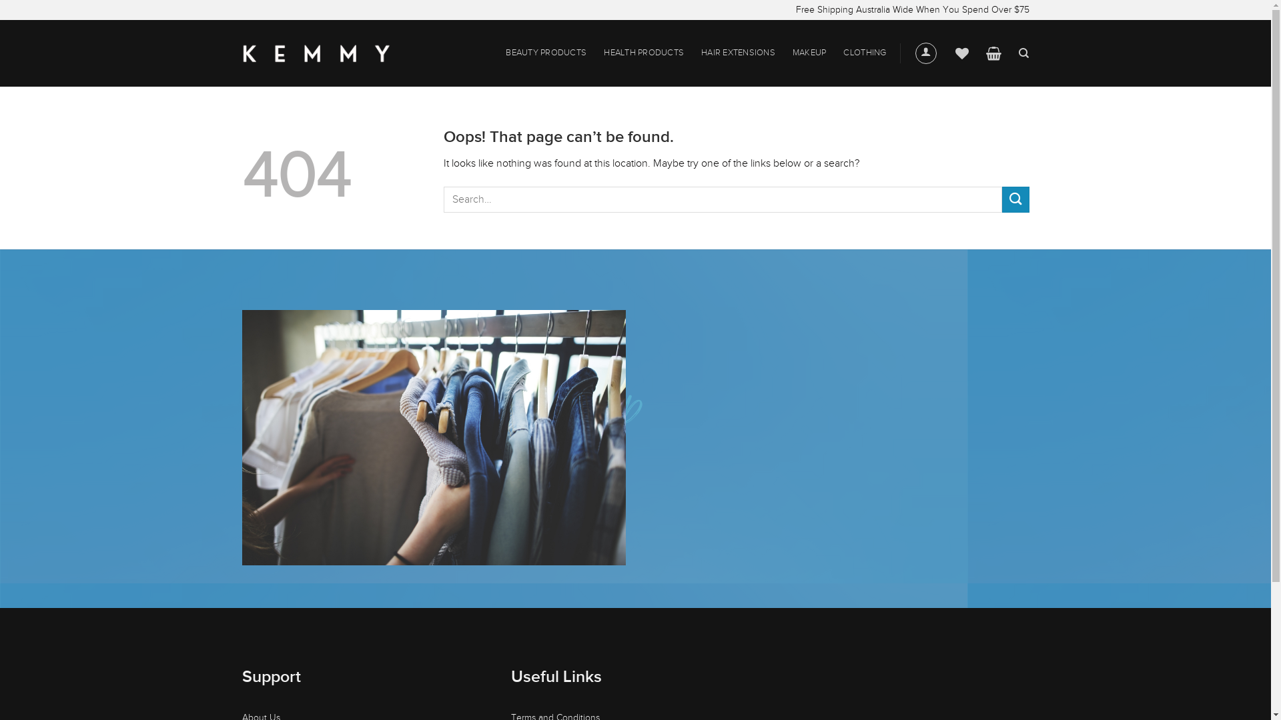 The width and height of the screenshot is (1281, 720). What do you see at coordinates (737, 53) in the screenshot?
I see `'HAIR EXTENSIONS'` at bounding box center [737, 53].